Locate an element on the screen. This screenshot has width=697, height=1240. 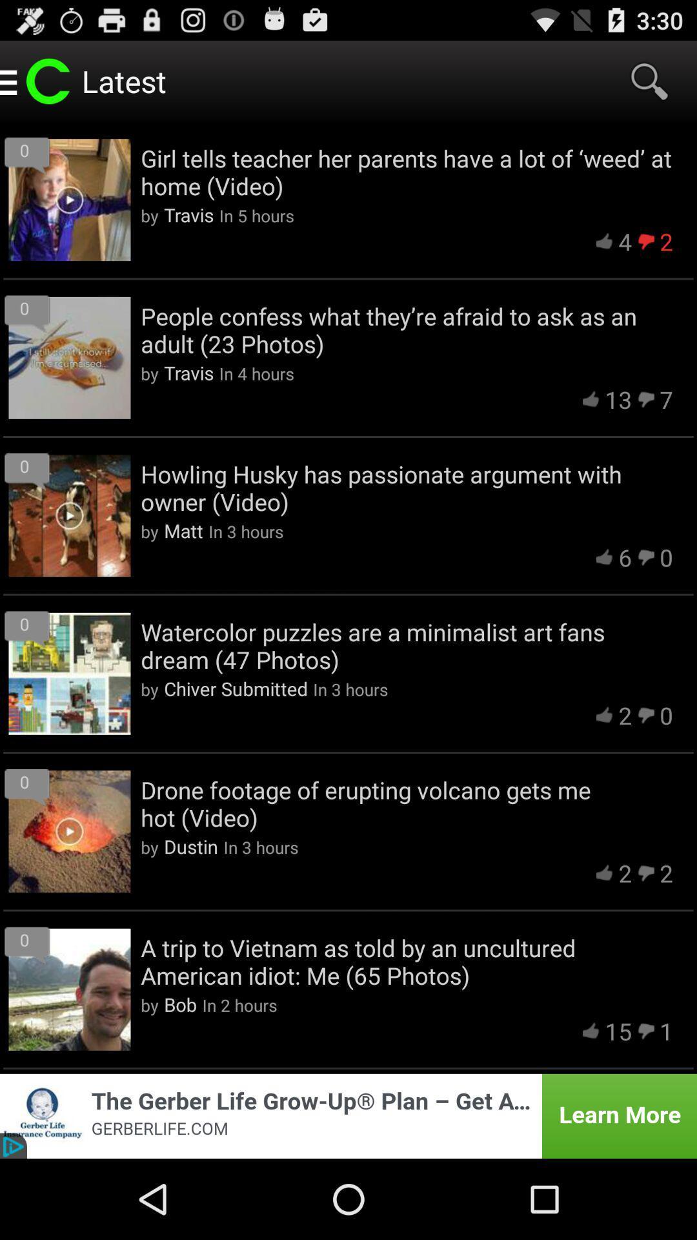
icon above howling husky has item is located at coordinates (666, 398).